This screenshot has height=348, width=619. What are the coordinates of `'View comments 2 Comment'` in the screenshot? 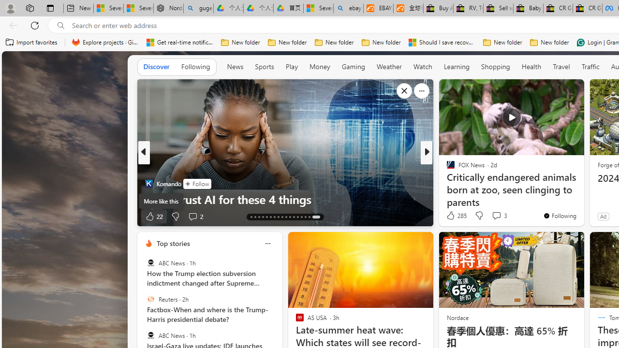 It's located at (194, 216).